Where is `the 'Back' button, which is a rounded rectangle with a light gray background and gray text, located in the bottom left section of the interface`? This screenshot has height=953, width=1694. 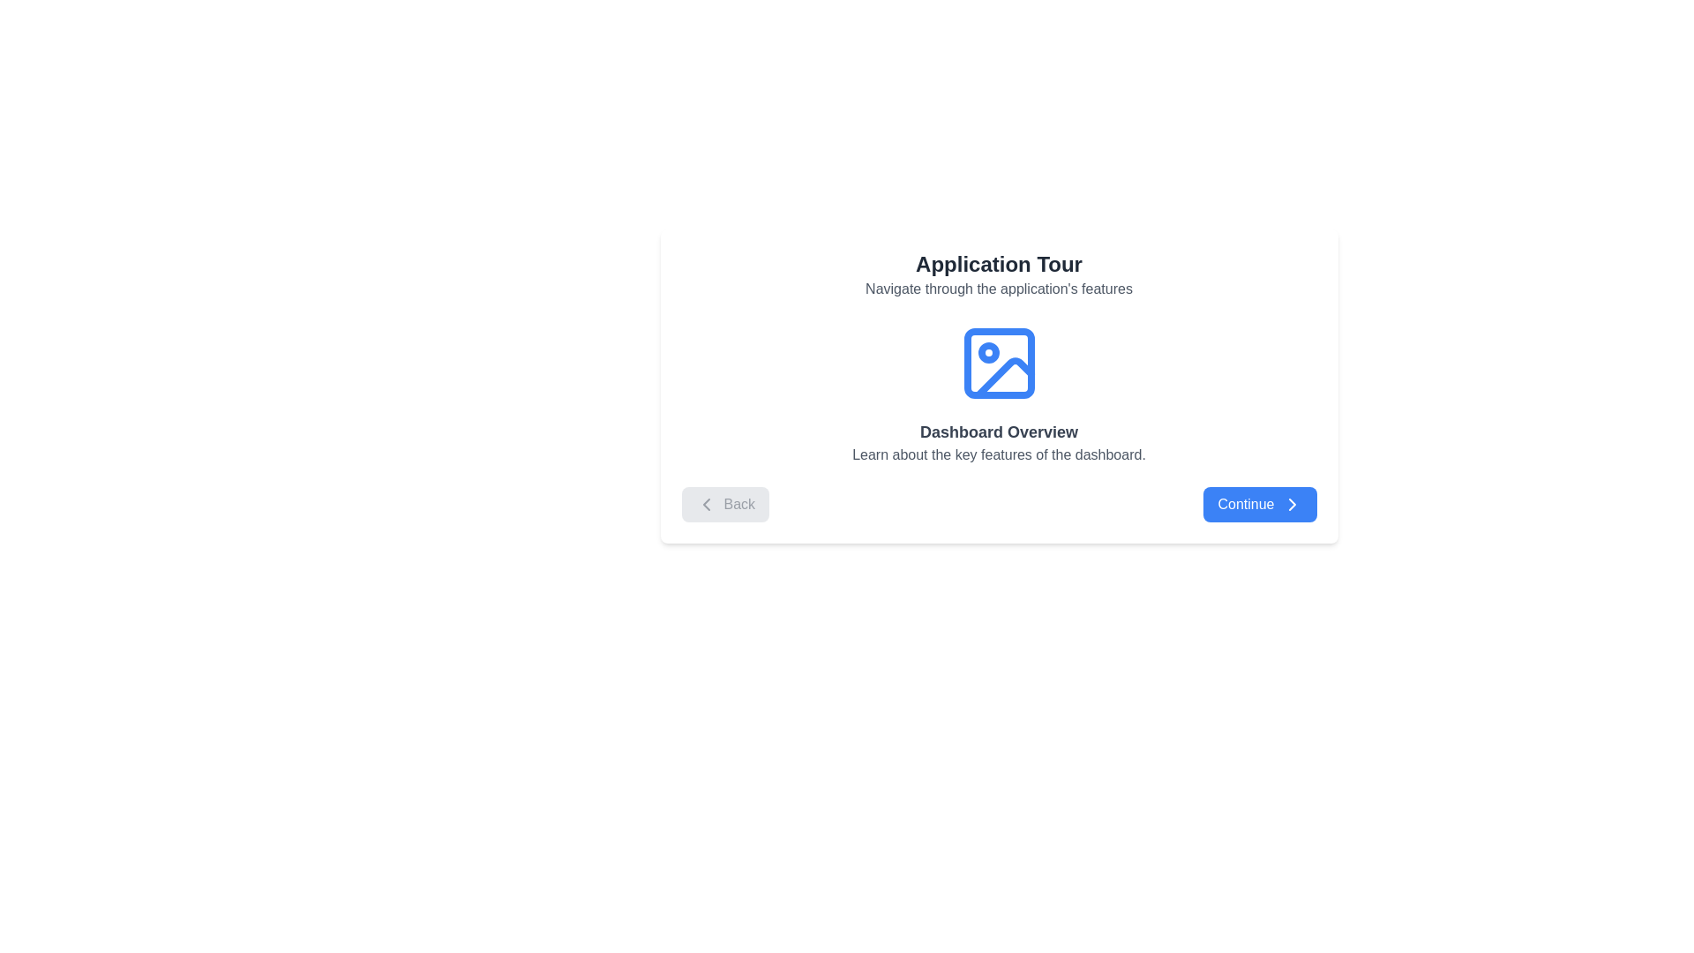
the 'Back' button, which is a rounded rectangle with a light gray background and gray text, located in the bottom left section of the interface is located at coordinates (725, 504).